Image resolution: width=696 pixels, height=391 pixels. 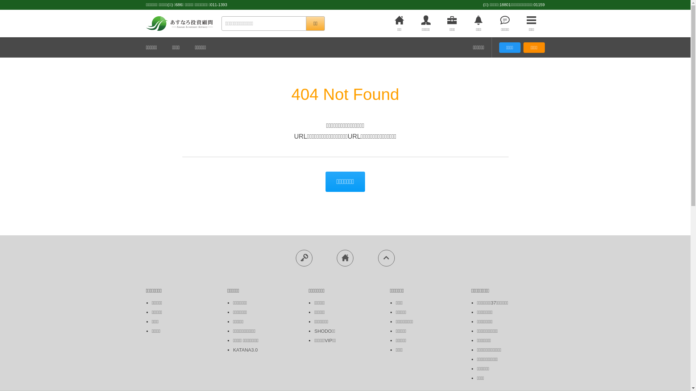 What do you see at coordinates (233, 349) in the screenshot?
I see `'KATANA3.0'` at bounding box center [233, 349].